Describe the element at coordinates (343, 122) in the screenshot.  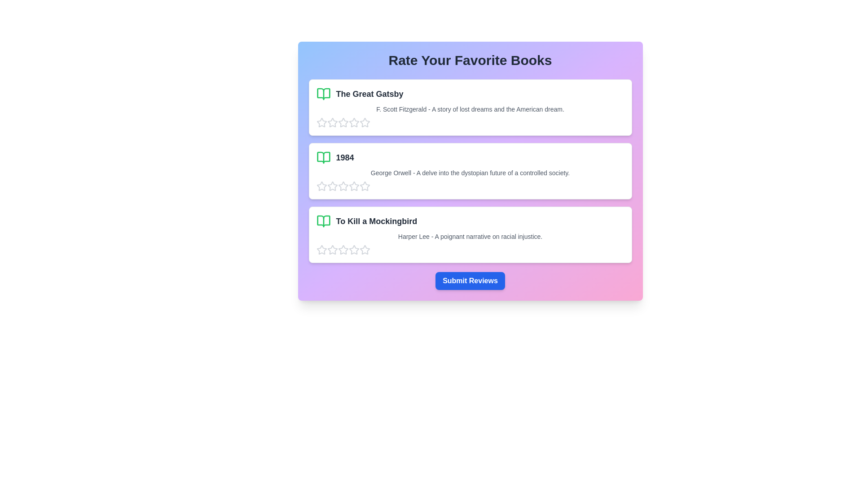
I see `the star corresponding to 3 for the book titled The Great Gatsby` at that location.